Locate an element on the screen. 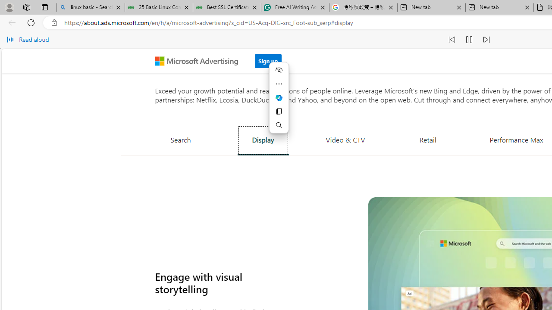  'Performance Max' is located at coordinates (516, 139).